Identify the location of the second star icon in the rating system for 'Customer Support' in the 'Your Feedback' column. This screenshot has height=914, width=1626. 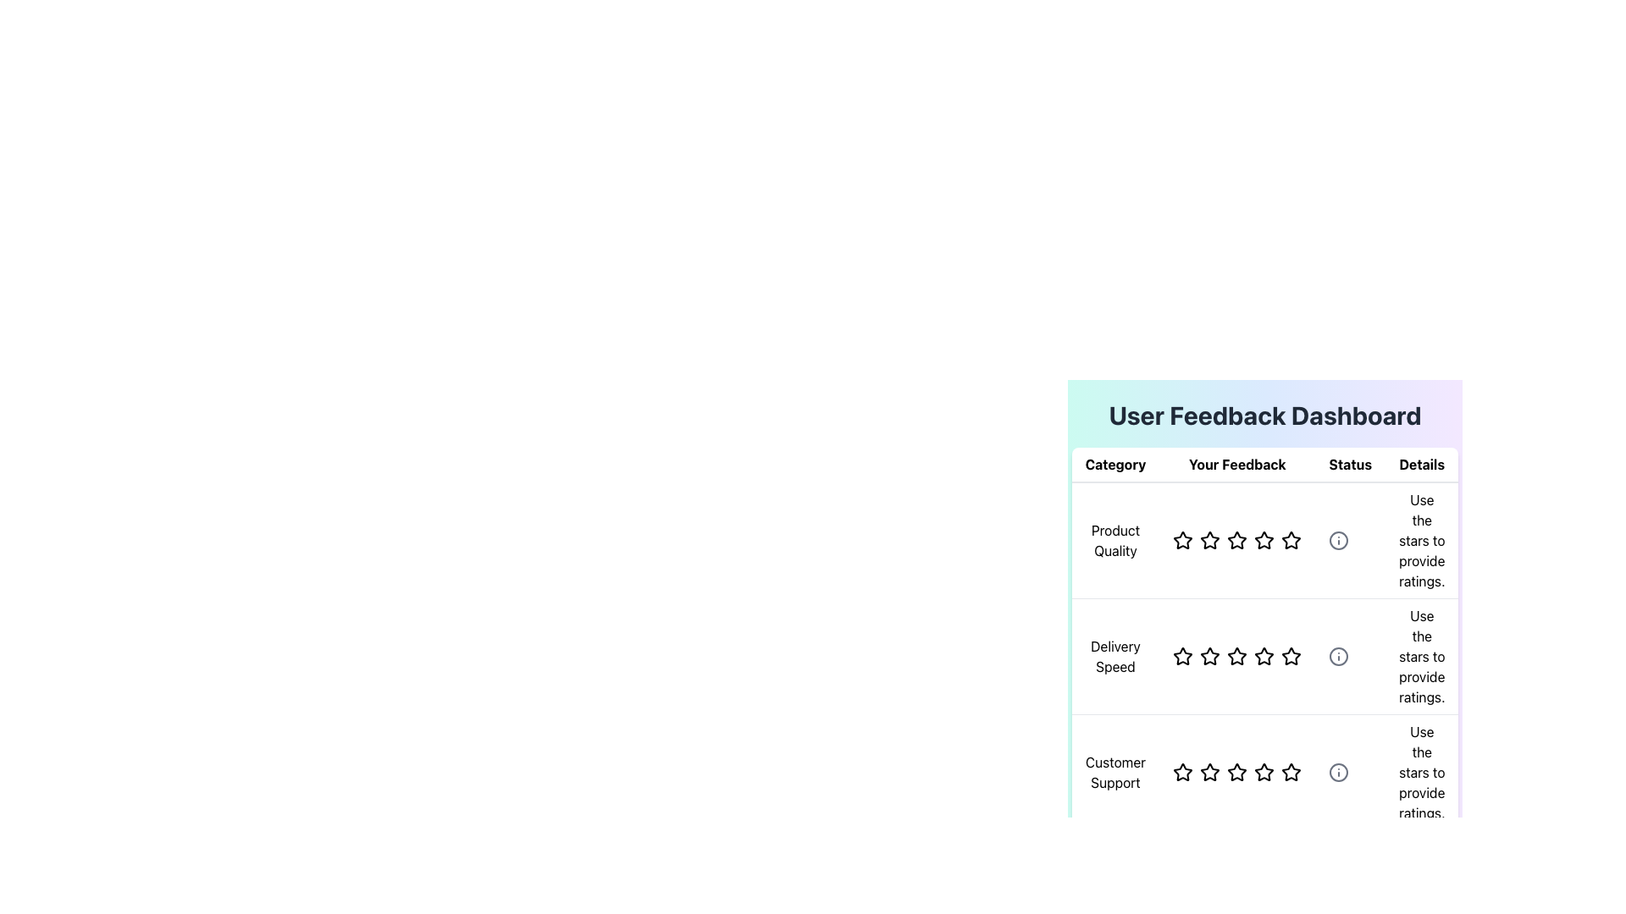
(1209, 773).